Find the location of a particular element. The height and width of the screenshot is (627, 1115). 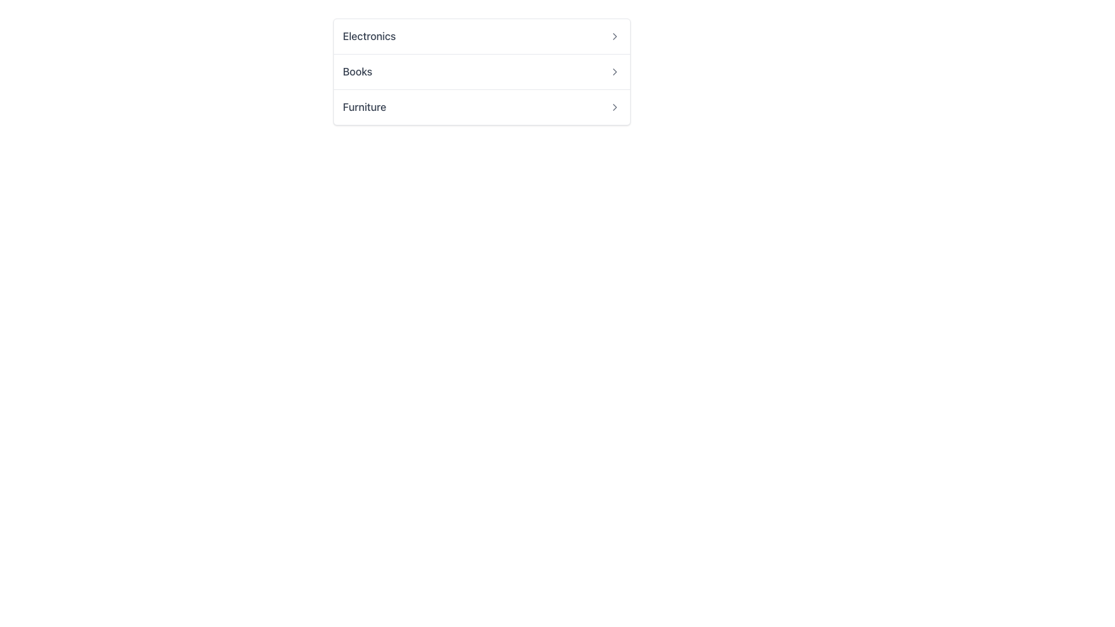

the 'Furniture' navigation menu item, which is the third item in the vertical list of navigation options is located at coordinates (481, 107).